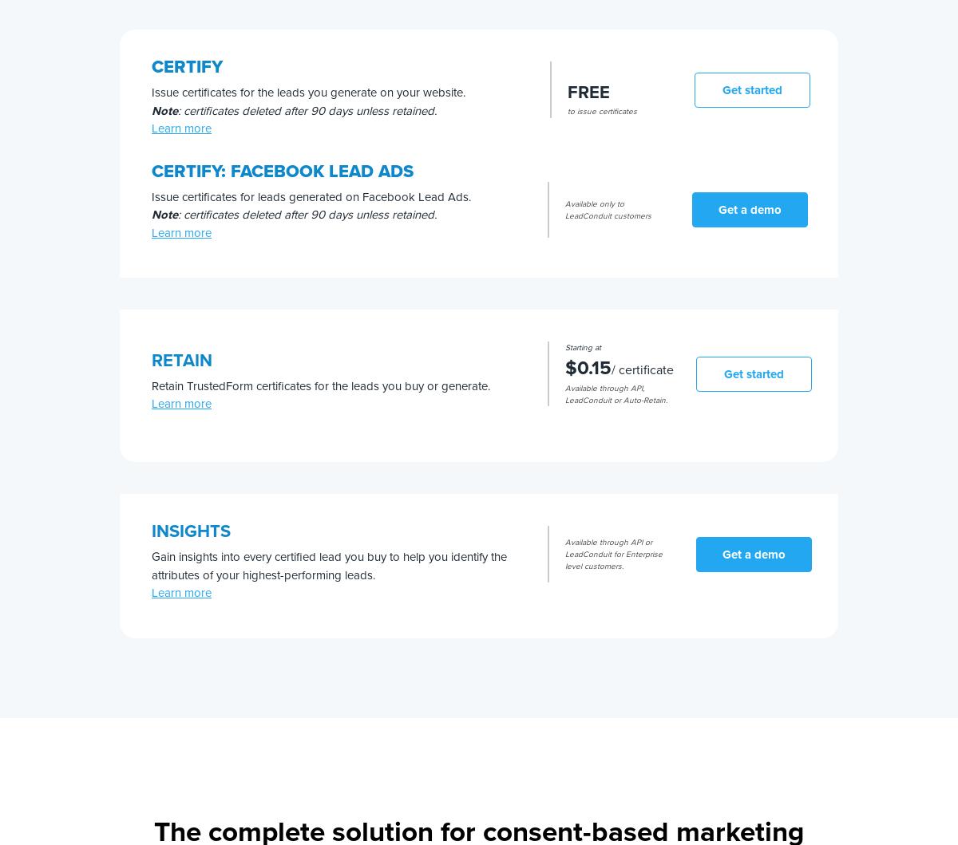  I want to click on 'Starting at', so click(583, 346).